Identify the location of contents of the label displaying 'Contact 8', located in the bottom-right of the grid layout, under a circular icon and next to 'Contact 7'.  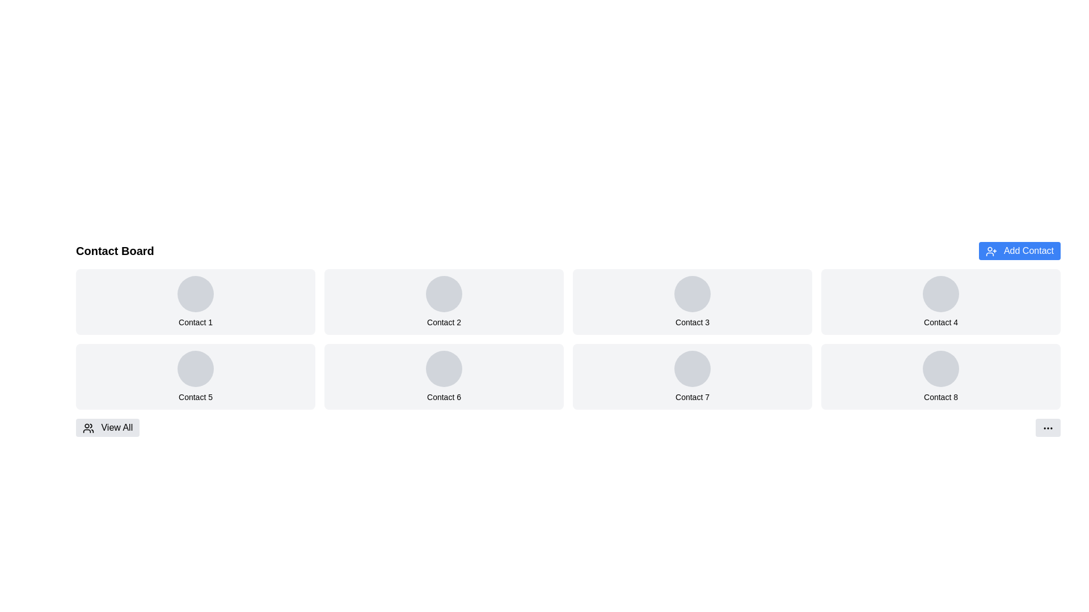
(941, 397).